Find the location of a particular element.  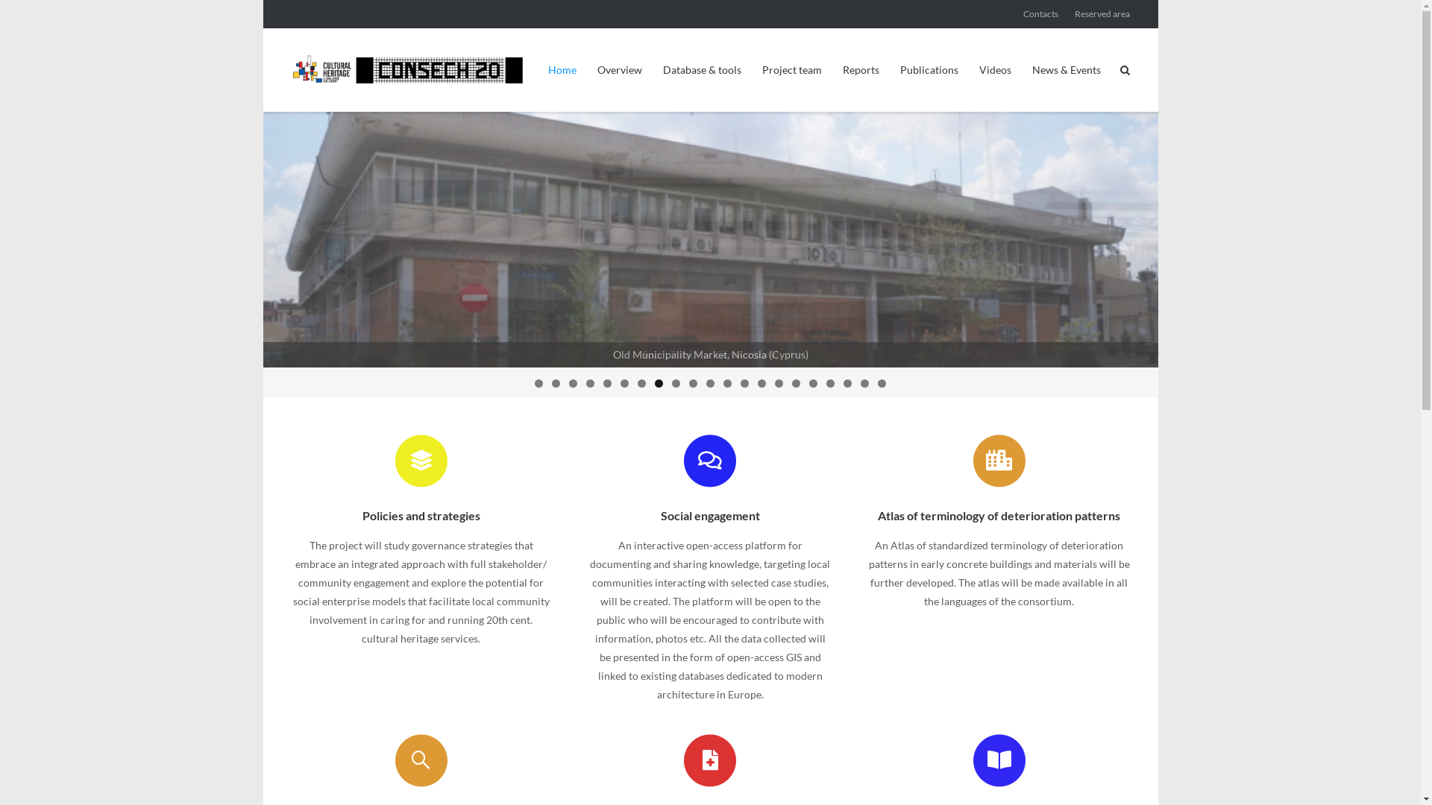

'21' is located at coordinates (882, 382).